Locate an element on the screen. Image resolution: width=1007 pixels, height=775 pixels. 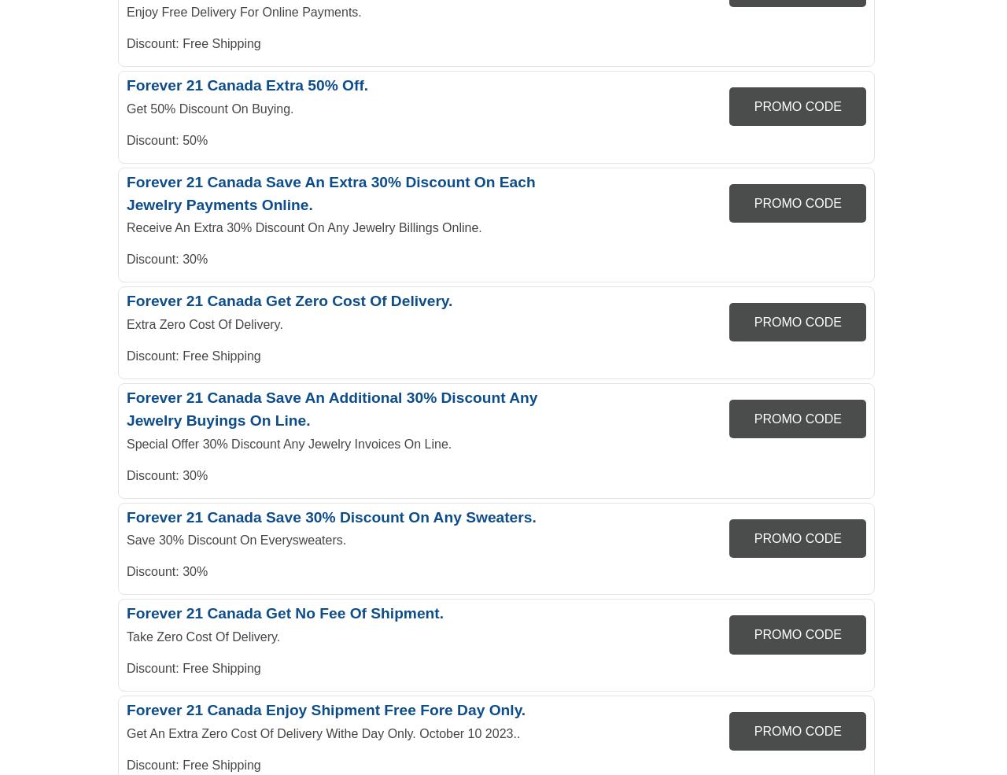
'Get An Extra Zero Cost Of Delivery Withe Day Only. October 10 2023..' is located at coordinates (323, 733).